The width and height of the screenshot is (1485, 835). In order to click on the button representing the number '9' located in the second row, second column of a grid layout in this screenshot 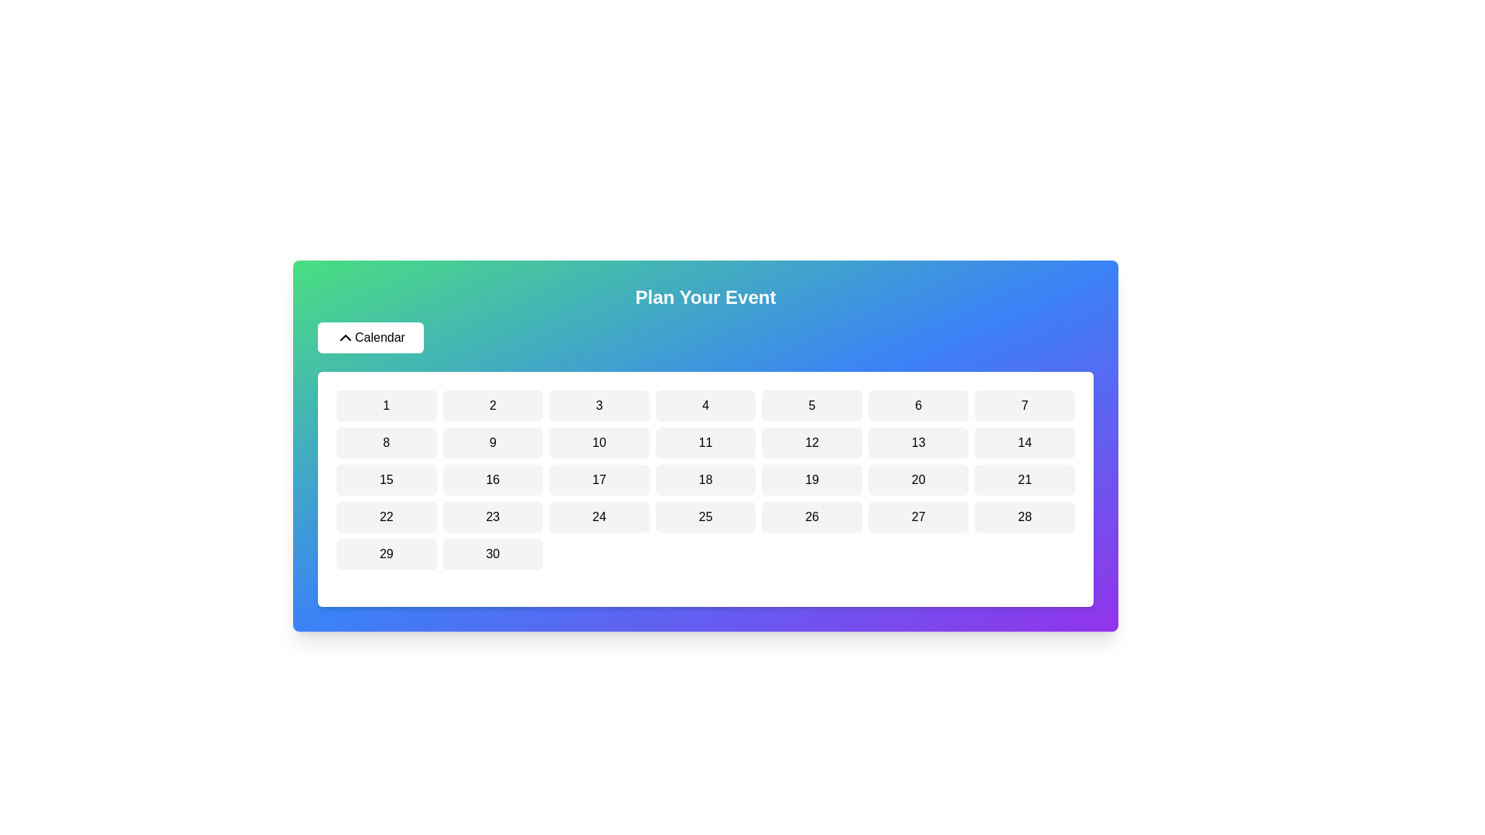, I will do `click(492, 443)`.